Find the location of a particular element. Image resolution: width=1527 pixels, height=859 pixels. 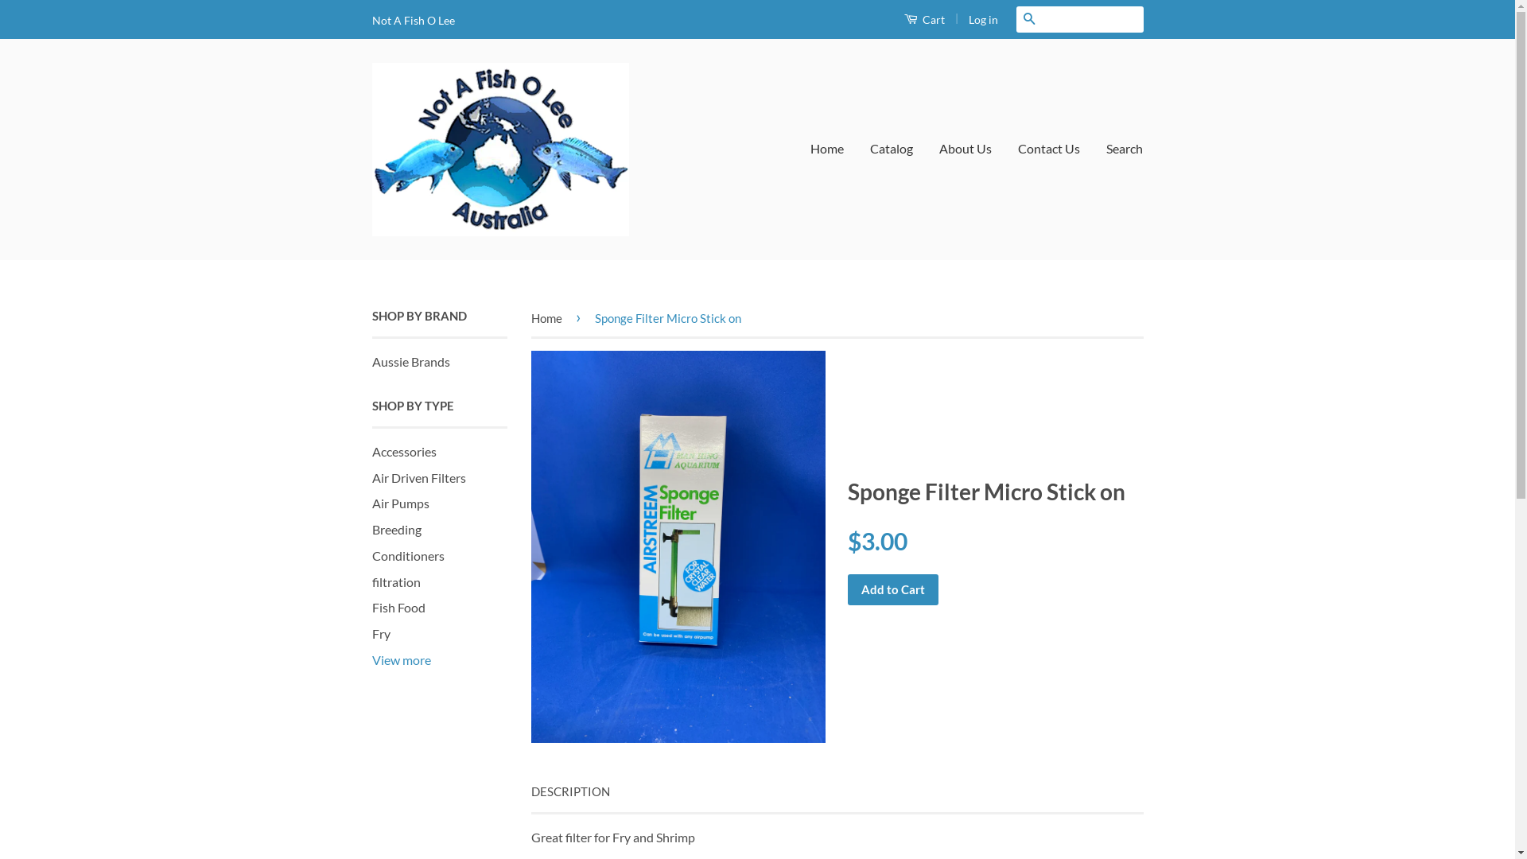

'Search' is located at coordinates (1015, 19).